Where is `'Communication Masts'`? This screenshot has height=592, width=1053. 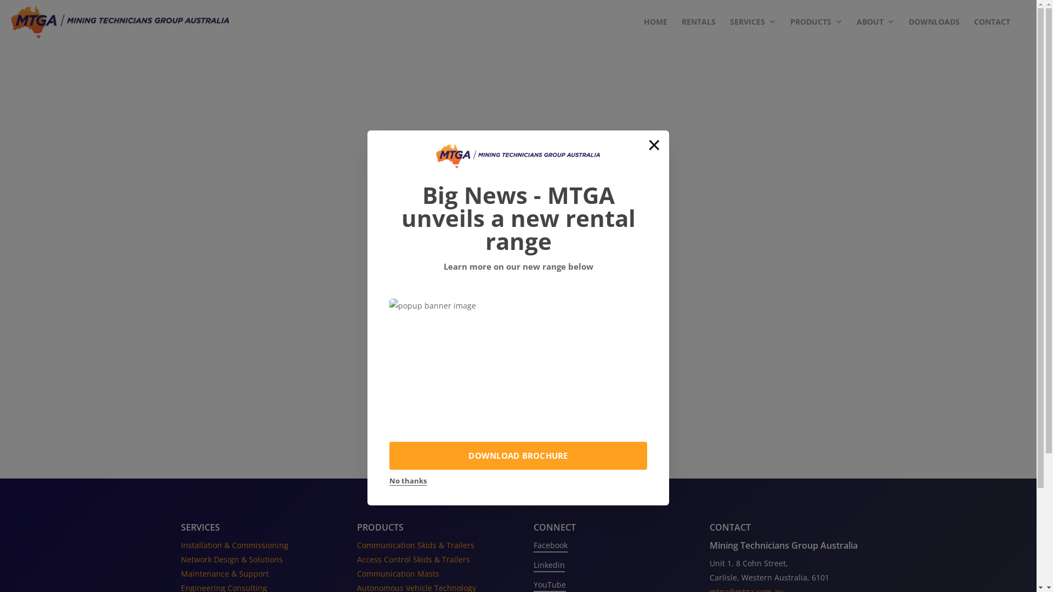
'Communication Masts' is located at coordinates (397, 573).